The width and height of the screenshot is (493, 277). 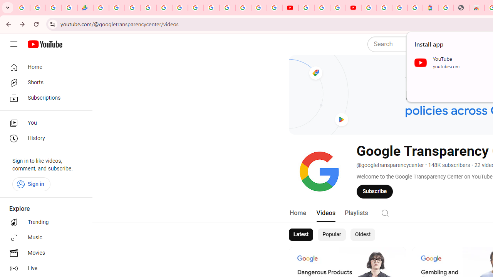 I want to click on 'History', so click(x=43, y=138).